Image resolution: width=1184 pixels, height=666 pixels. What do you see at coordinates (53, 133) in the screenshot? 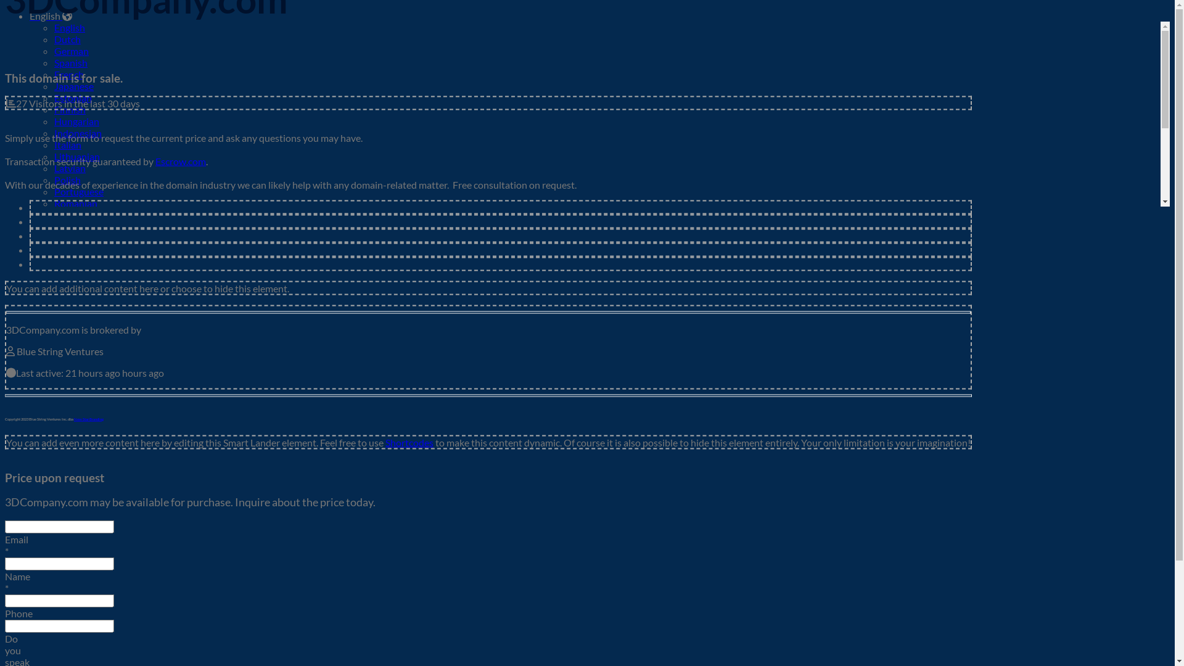
I see `'Indonesian'` at bounding box center [53, 133].